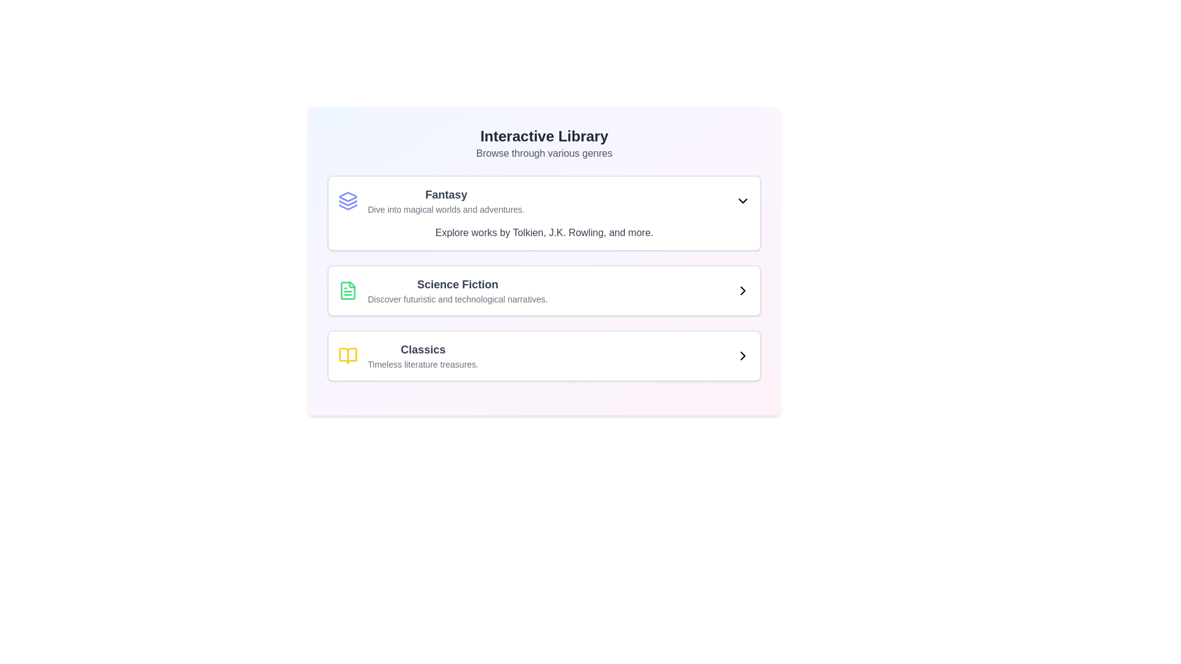  I want to click on the third Card Section in the vertical list of categories, so click(543, 355).